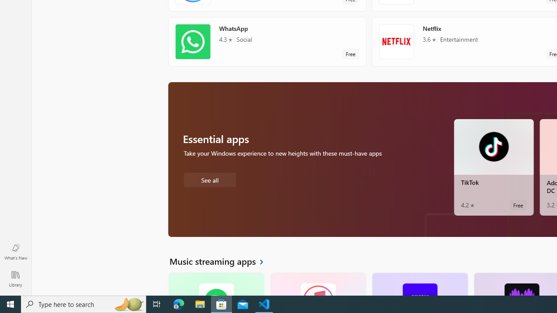 The height and width of the screenshot is (313, 557). I want to click on 'iTunes. Average rating of 2.5 out of five stars. Free  ', so click(317, 284).